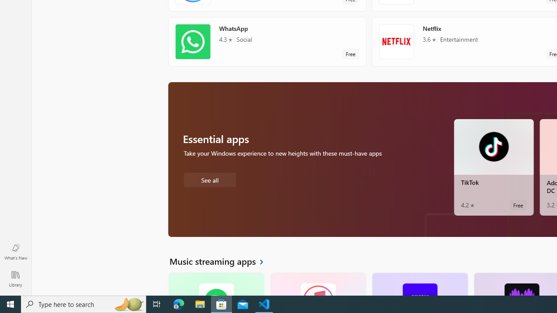 The height and width of the screenshot is (313, 557). I want to click on 'iTunes. Average rating of 2.5 out of five stars. Free  ', so click(317, 284).